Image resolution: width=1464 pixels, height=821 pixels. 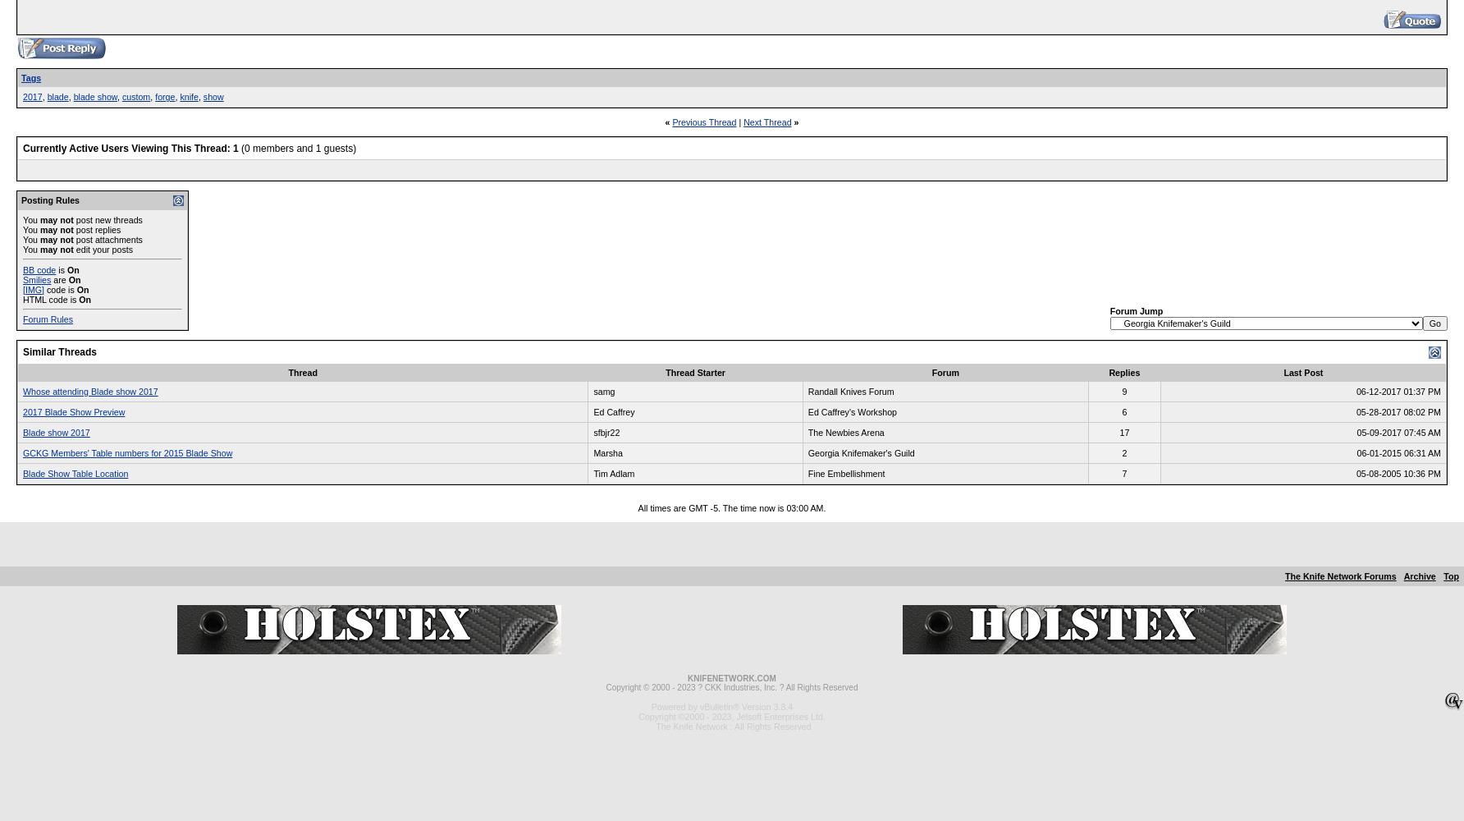 I want to click on 'Tags', so click(x=30, y=77).